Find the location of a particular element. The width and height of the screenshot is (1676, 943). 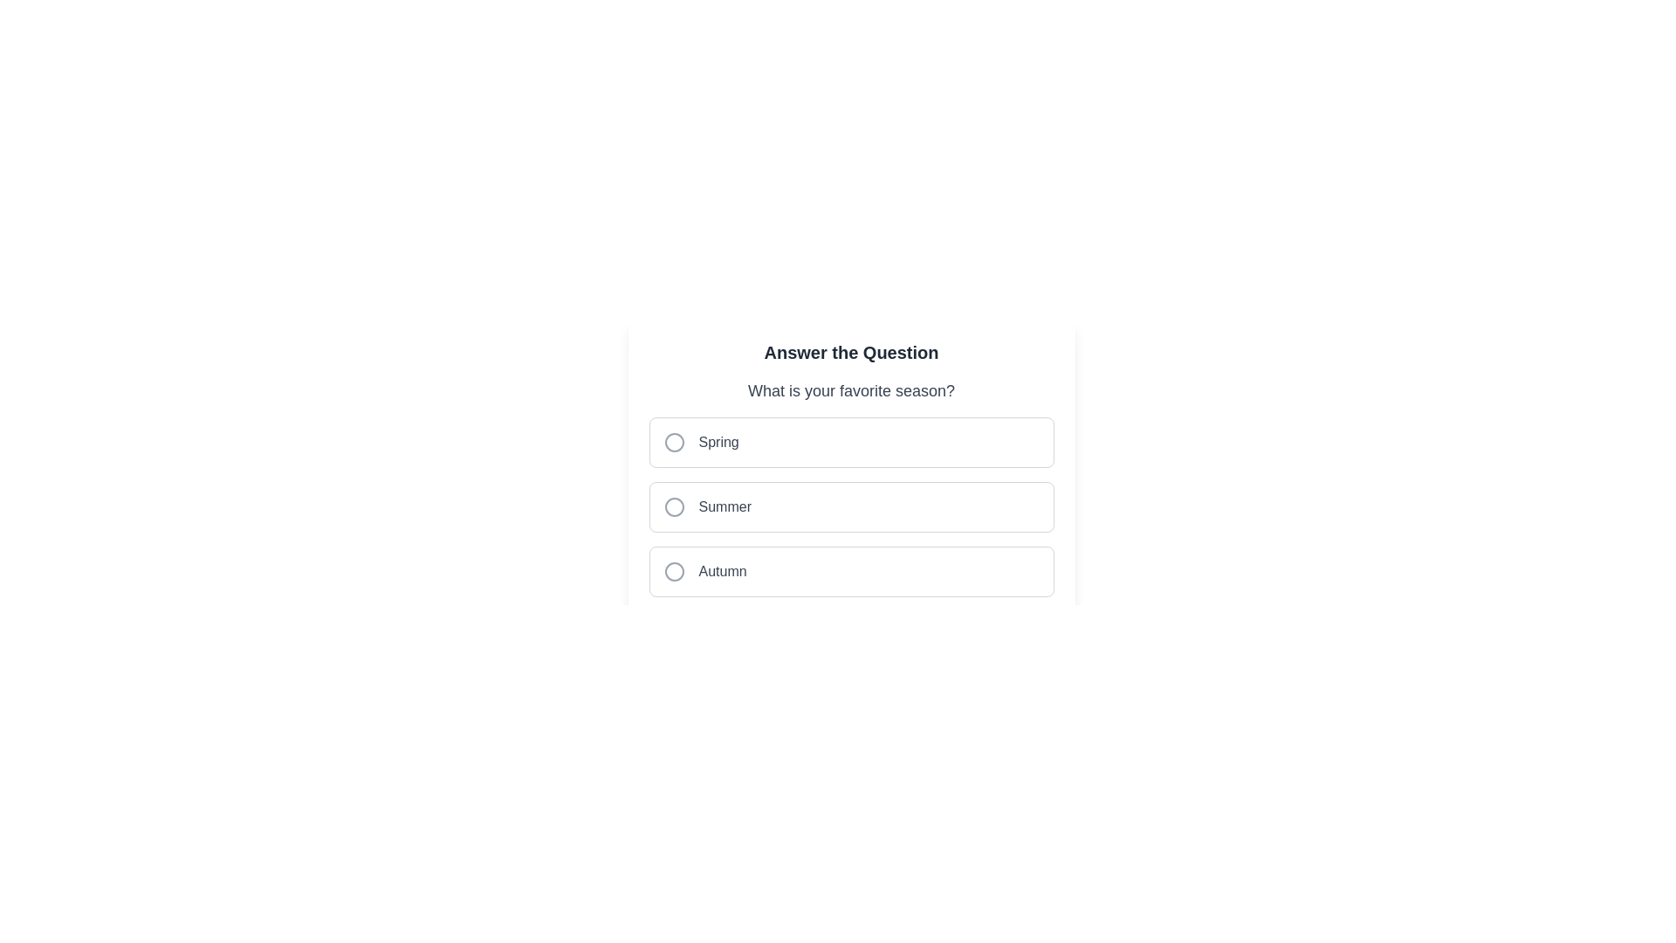

one of the radio buttons in the group labeled for selecting a favorite season, located just below the heading 'What is your favorite season?' is located at coordinates (851, 538).